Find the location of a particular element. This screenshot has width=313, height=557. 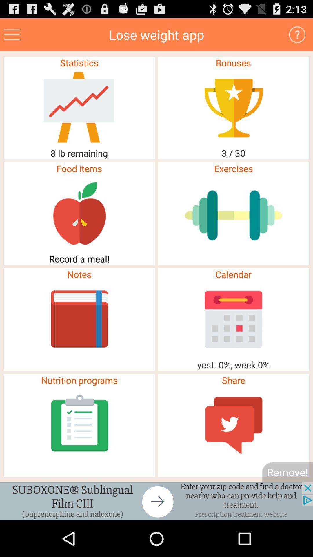

the help icon is located at coordinates (297, 37).